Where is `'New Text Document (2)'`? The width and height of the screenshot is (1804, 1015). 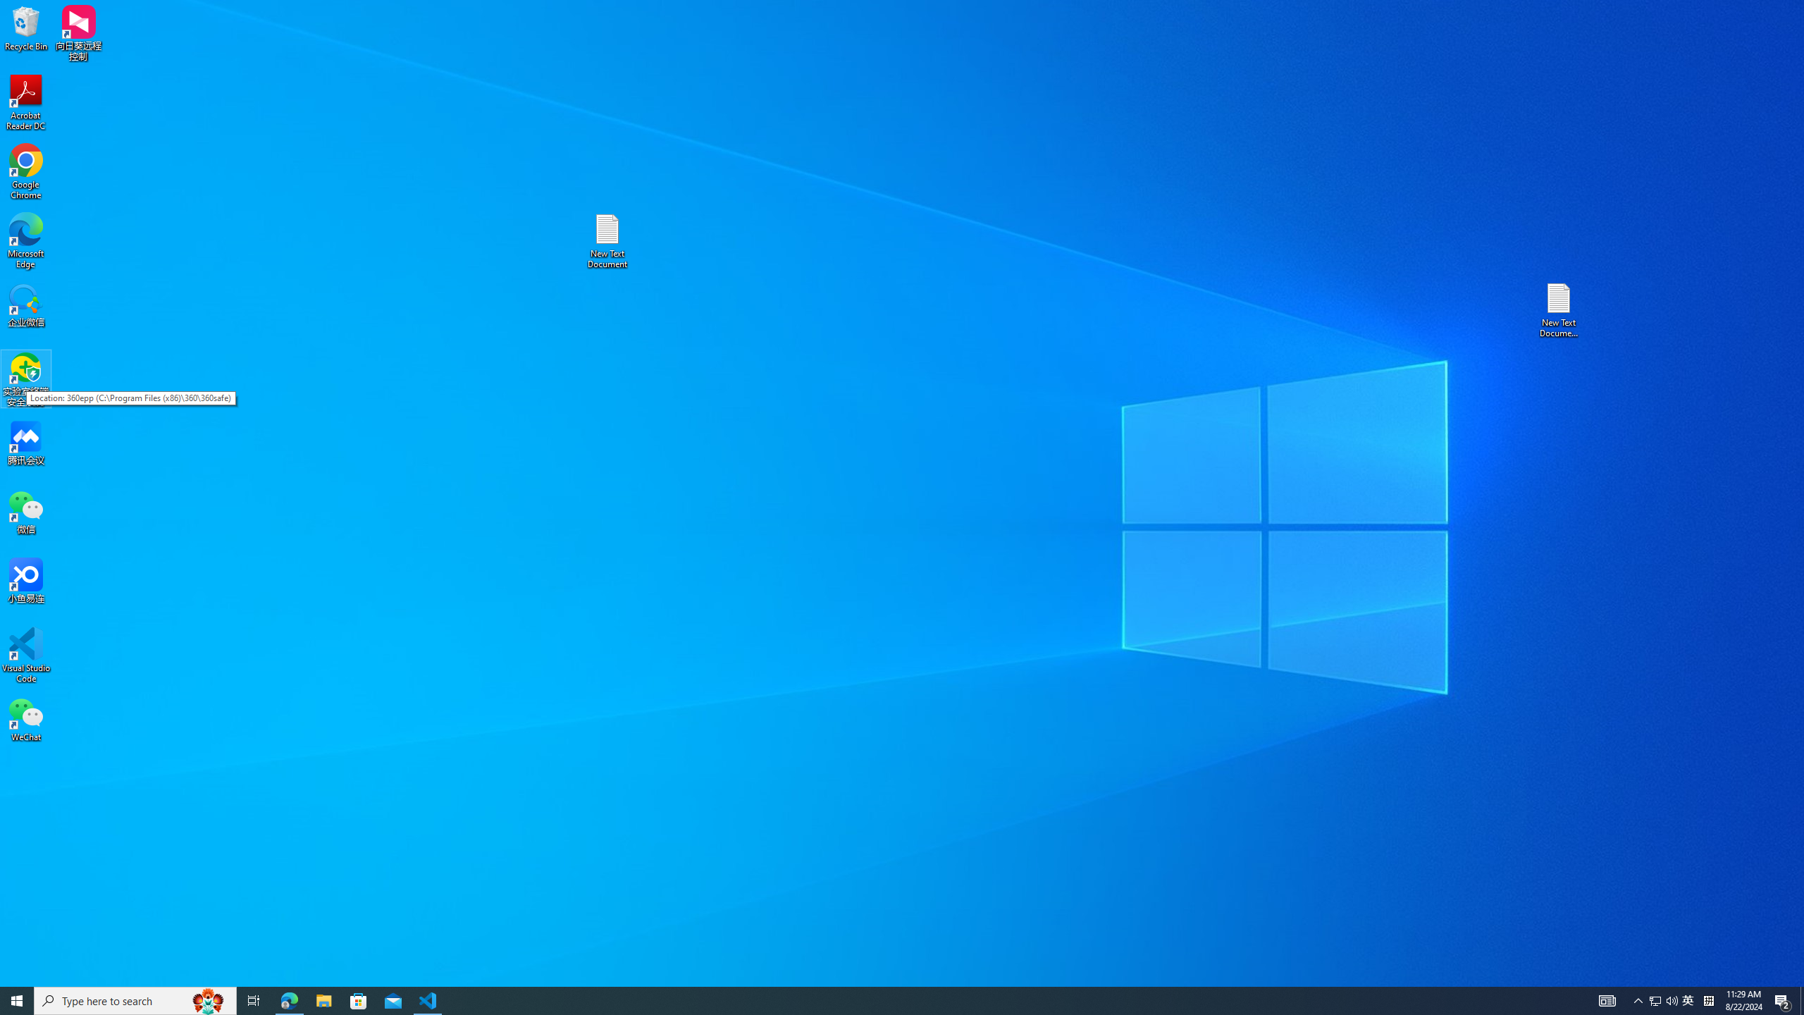 'New Text Document (2)' is located at coordinates (1559, 309).